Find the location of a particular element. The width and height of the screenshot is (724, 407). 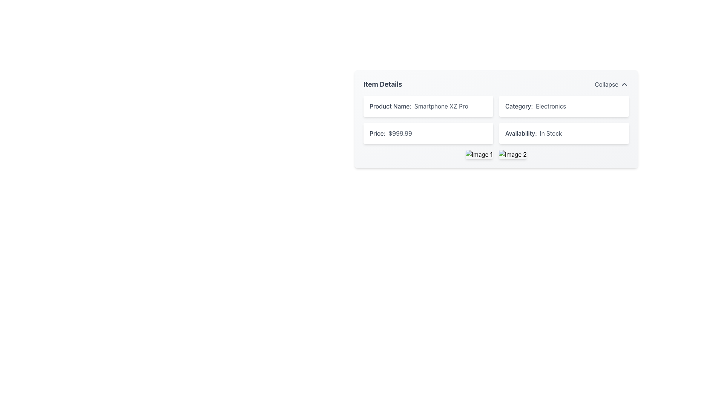

the first thumbnail image element is located at coordinates (479, 154).